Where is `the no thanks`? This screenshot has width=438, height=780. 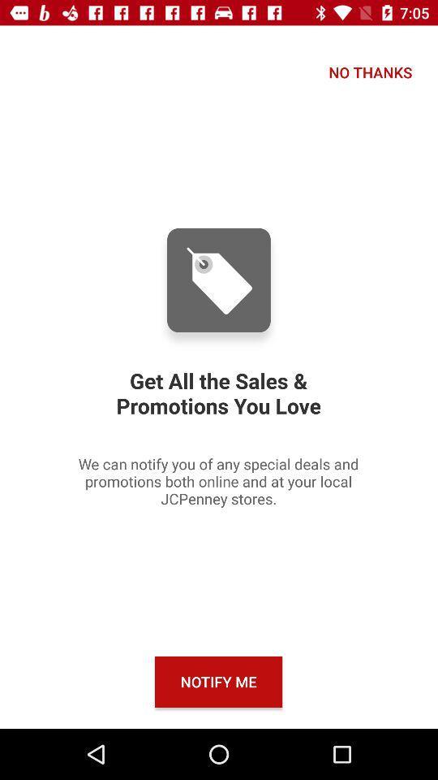
the no thanks is located at coordinates (370, 72).